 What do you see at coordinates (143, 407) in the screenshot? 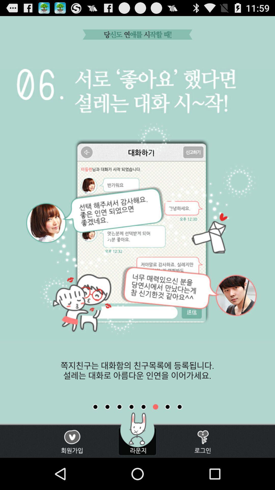
I see `previous image` at bounding box center [143, 407].